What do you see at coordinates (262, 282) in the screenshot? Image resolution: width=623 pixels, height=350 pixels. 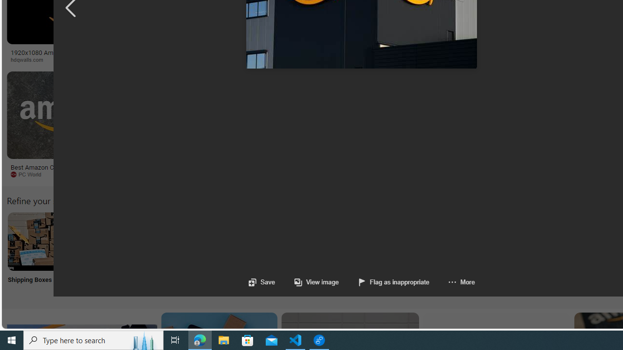 I see `'Save'` at bounding box center [262, 282].